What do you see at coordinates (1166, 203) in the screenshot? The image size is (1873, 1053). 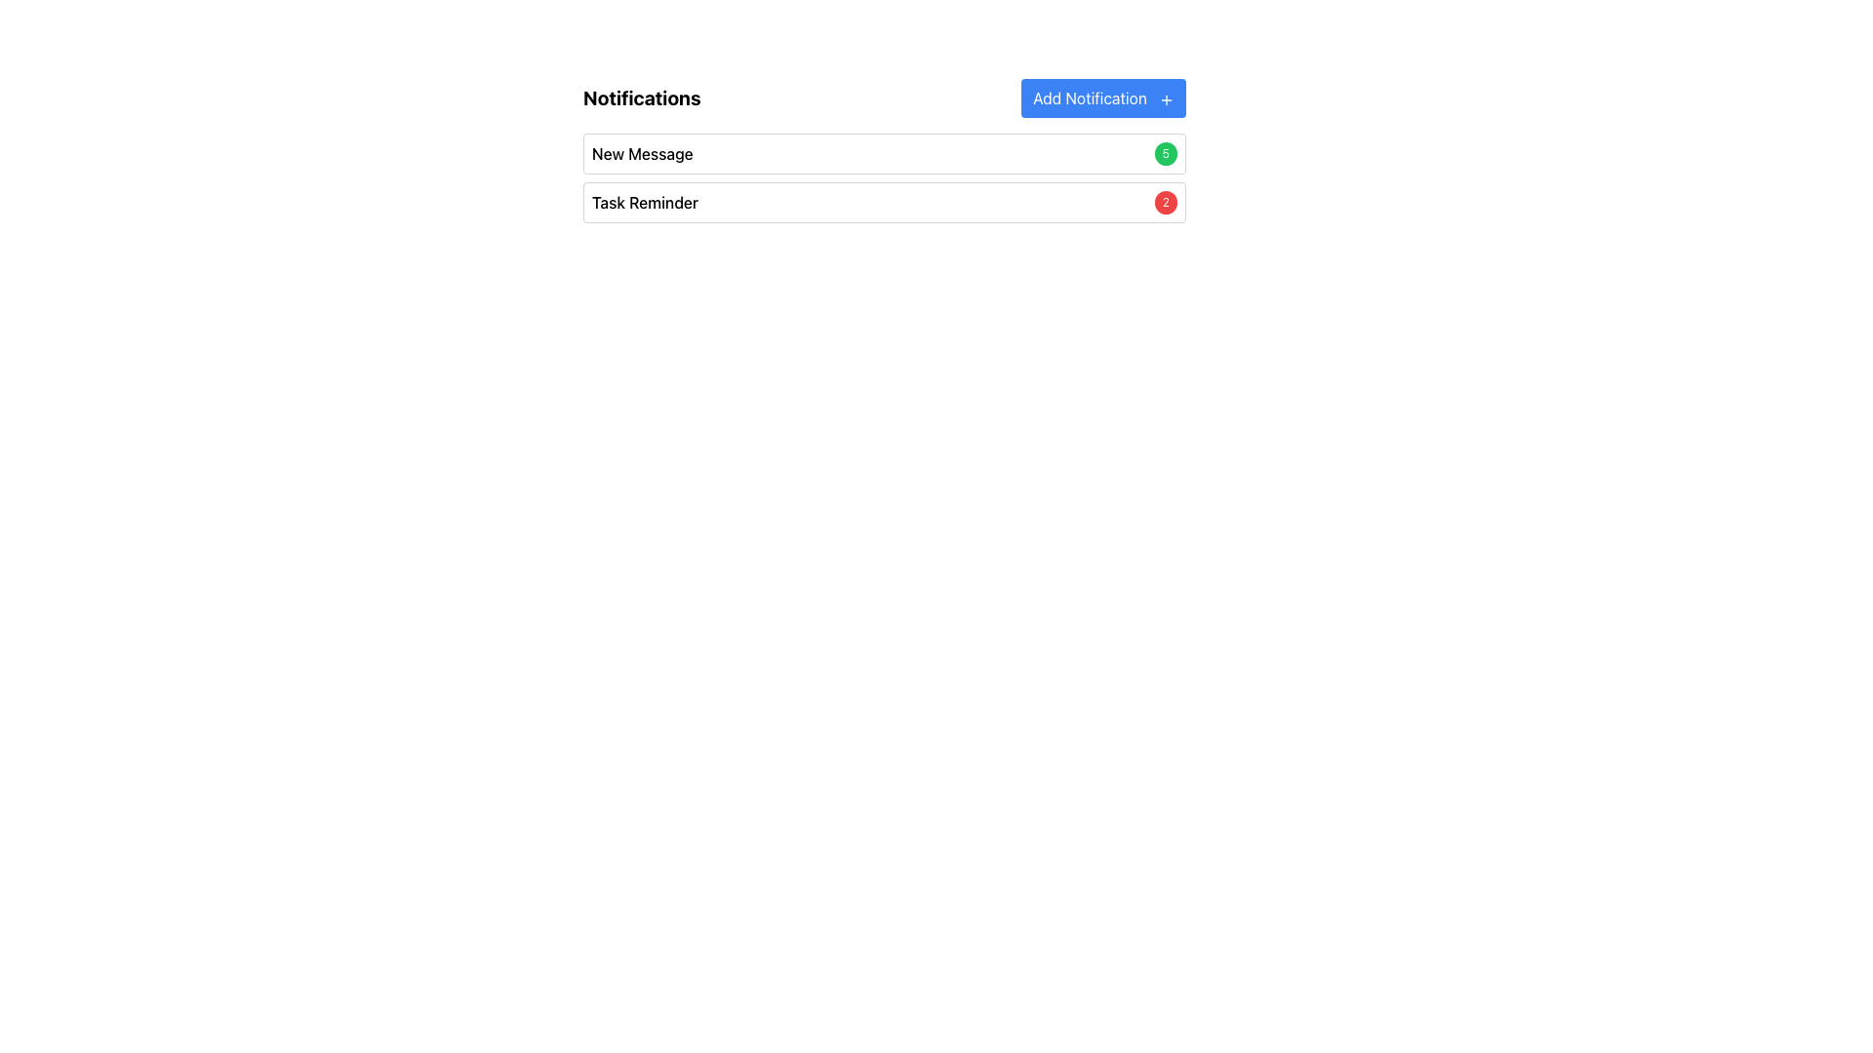 I see `the badge or counter indicating two items associated with the 'Task Reminder' entry, located to the right of the 'Task Reminder' text` at bounding box center [1166, 203].